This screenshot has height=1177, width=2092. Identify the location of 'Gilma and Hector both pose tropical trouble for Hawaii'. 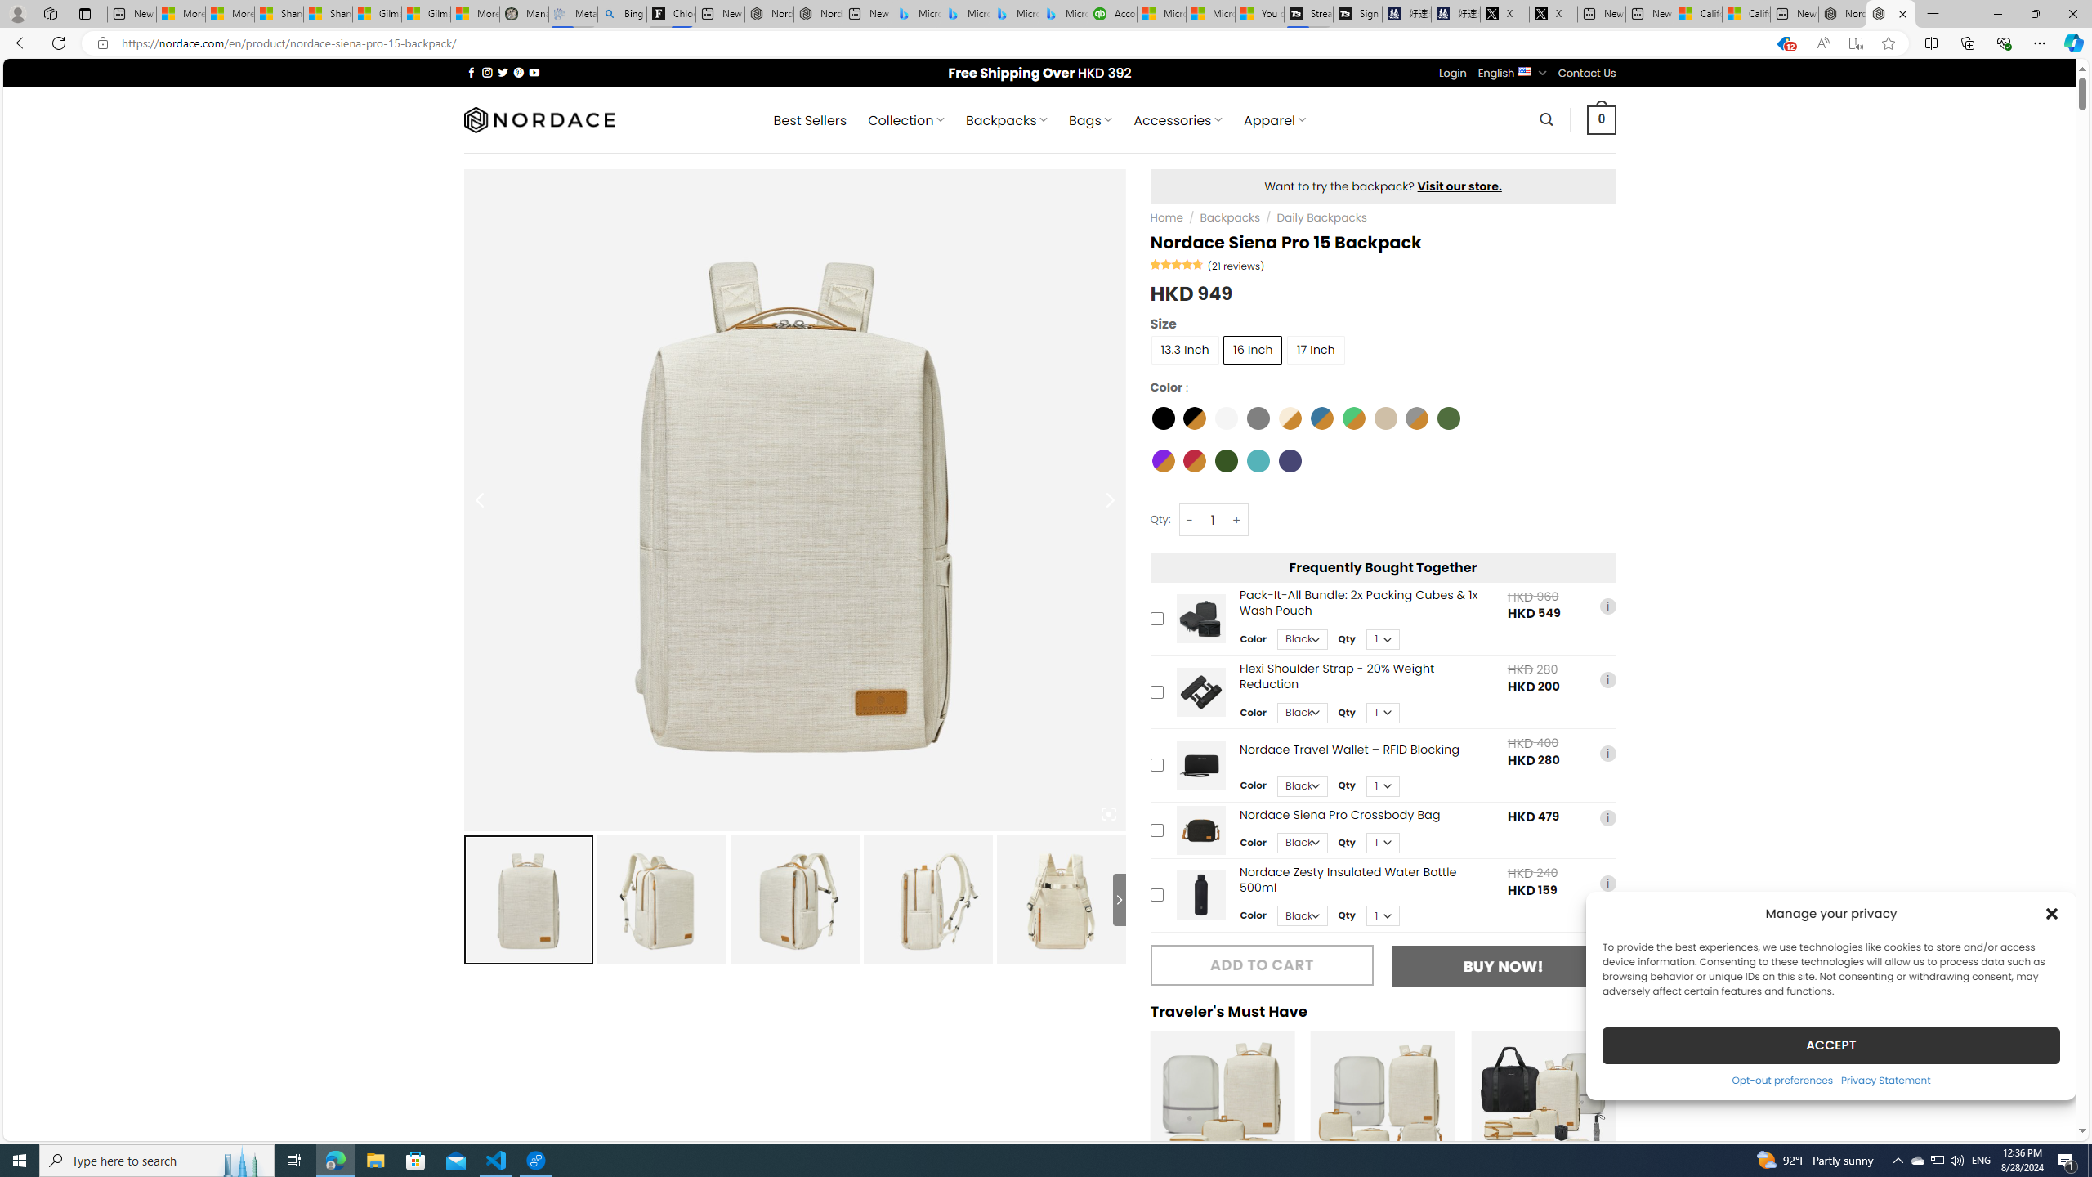
(426, 13).